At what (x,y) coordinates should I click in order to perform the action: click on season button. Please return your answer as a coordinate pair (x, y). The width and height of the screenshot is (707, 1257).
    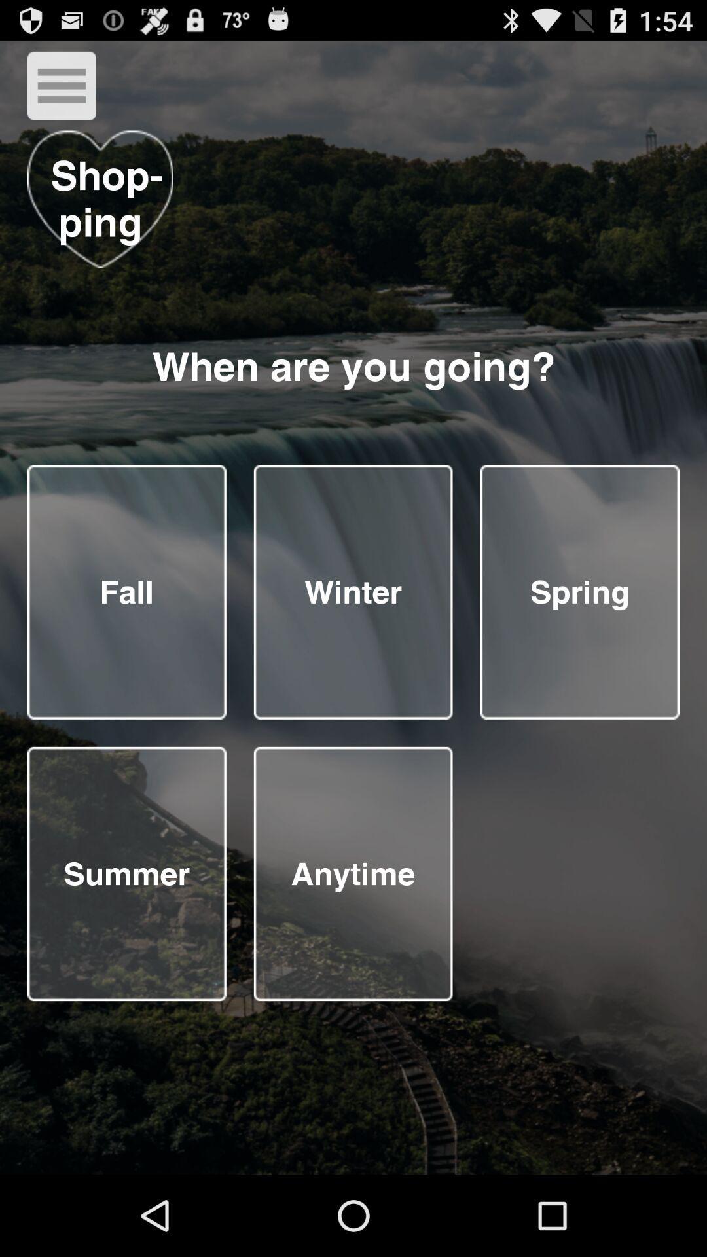
    Looking at the image, I should click on (352, 873).